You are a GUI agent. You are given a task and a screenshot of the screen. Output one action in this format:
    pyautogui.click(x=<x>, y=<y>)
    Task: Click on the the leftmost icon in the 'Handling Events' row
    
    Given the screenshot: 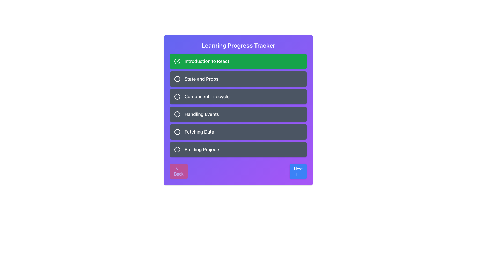 What is the action you would take?
    pyautogui.click(x=177, y=114)
    